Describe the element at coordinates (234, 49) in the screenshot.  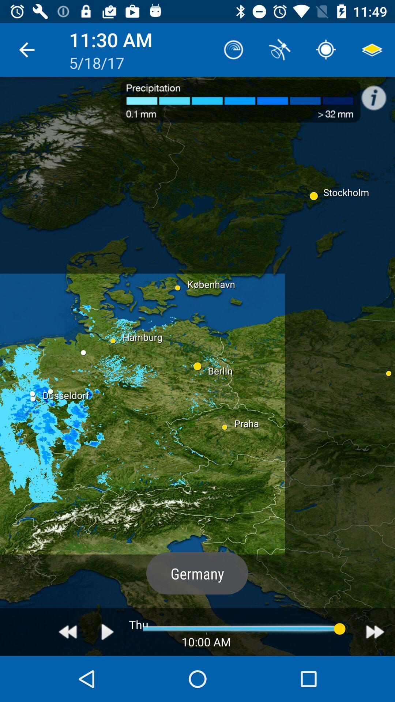
I see `icon to the right of 11:30 am icon` at that location.